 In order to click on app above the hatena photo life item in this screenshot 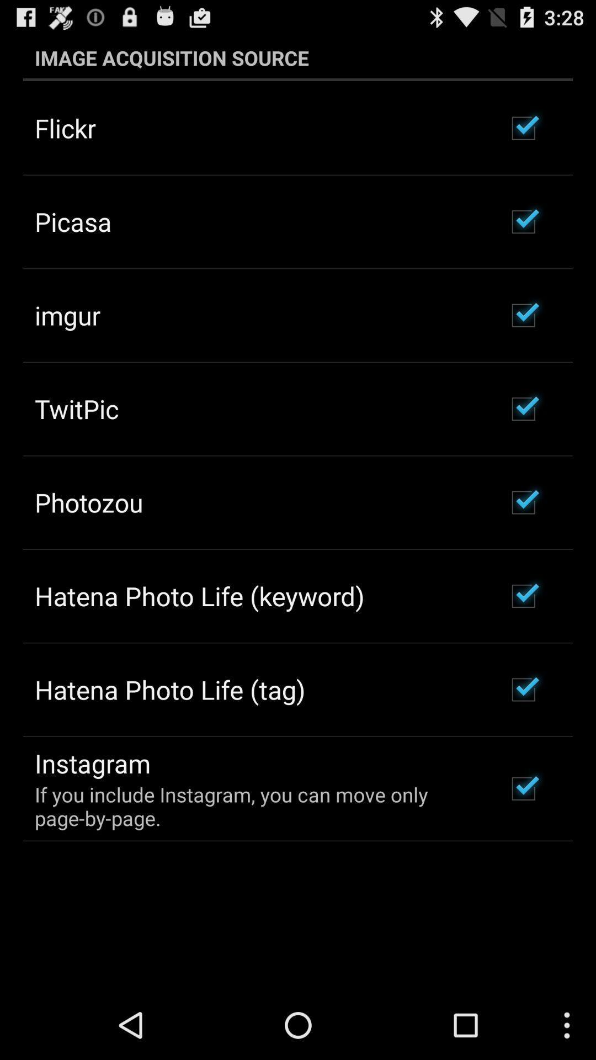, I will do `click(88, 502)`.